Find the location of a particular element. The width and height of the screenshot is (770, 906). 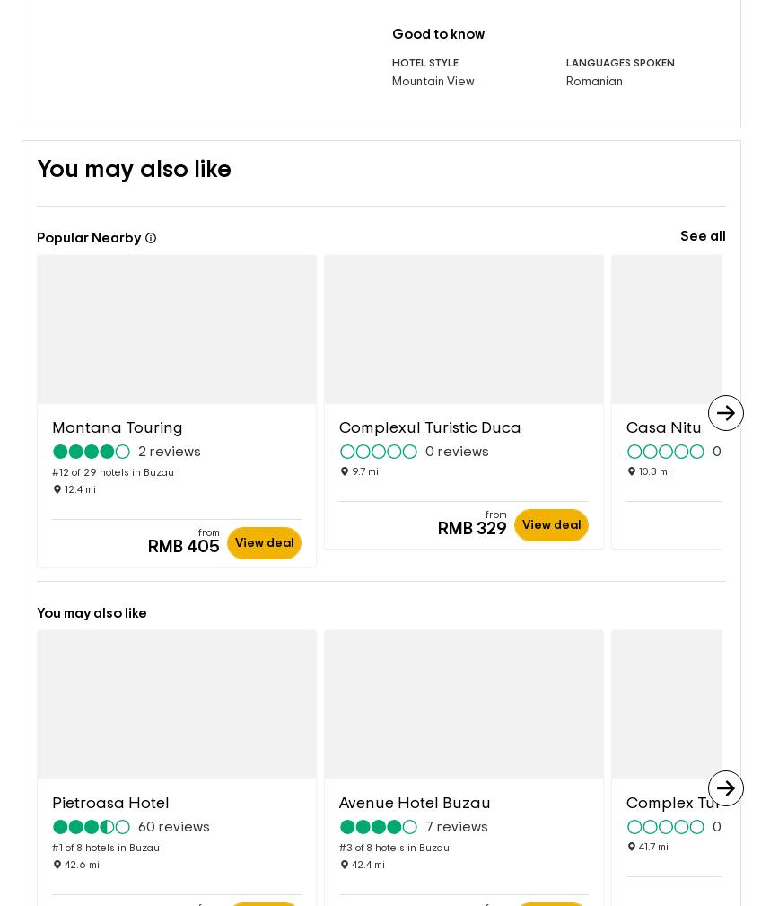

'See all' is located at coordinates (702, 206).